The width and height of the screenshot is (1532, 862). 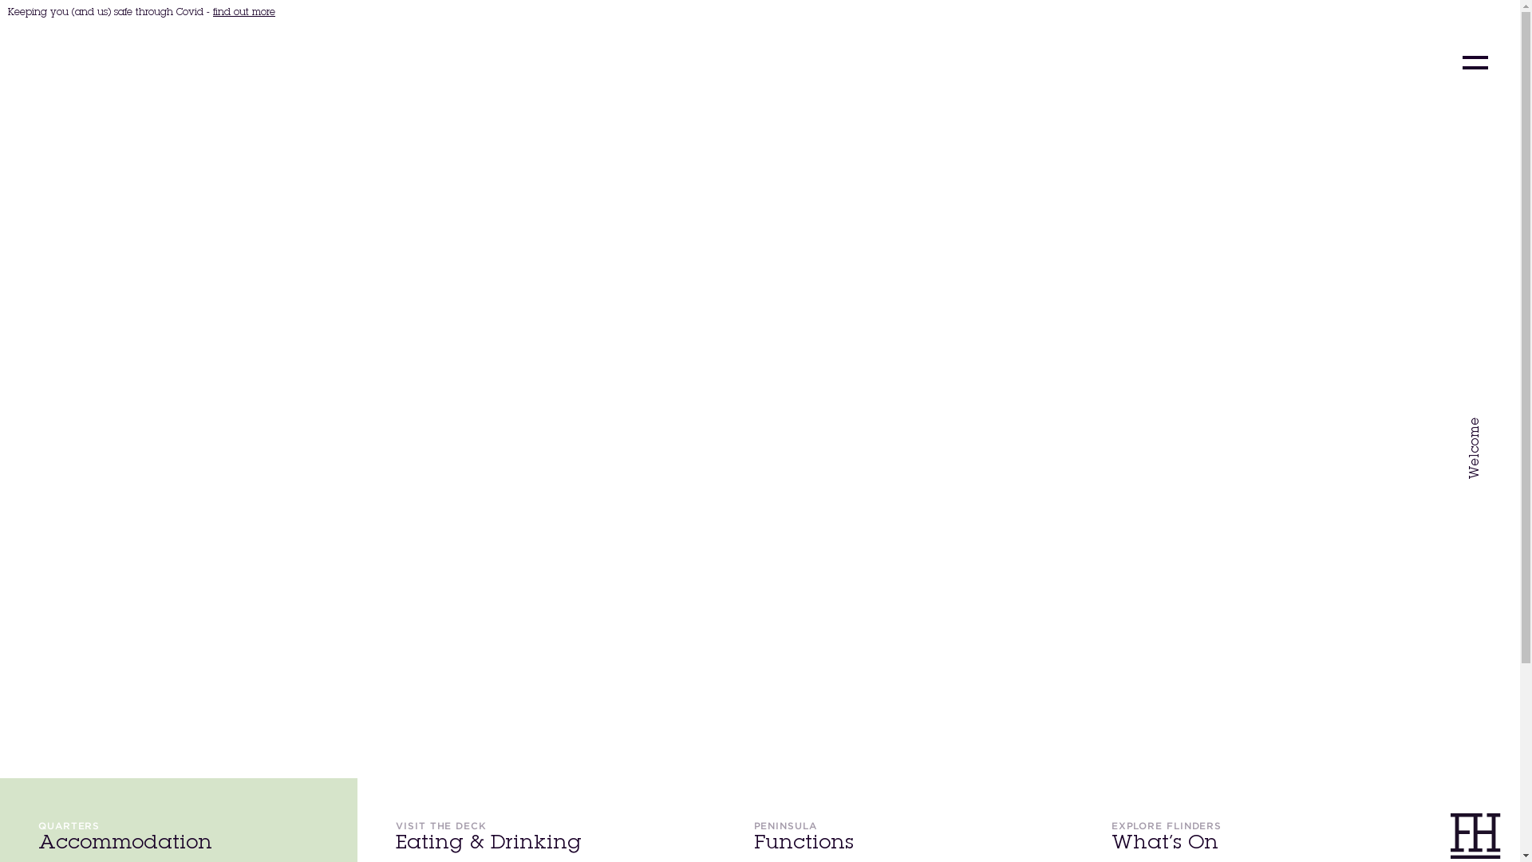 What do you see at coordinates (243, 12) in the screenshot?
I see `'find out more'` at bounding box center [243, 12].